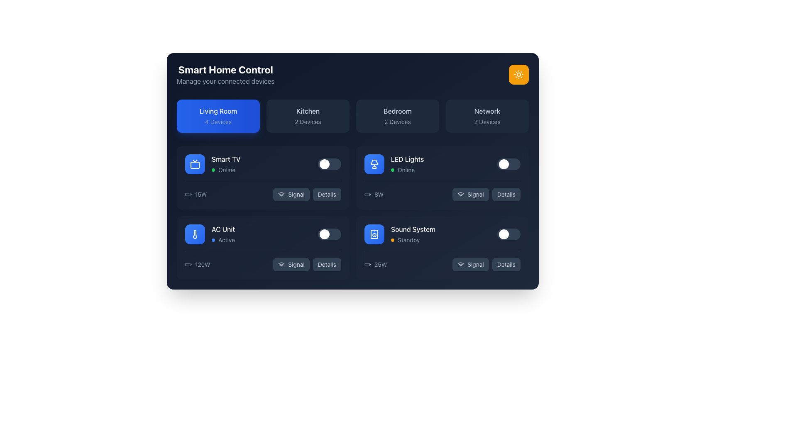 This screenshot has height=448, width=797. I want to click on the button for the 'AC Unit' device control section, so click(291, 264).